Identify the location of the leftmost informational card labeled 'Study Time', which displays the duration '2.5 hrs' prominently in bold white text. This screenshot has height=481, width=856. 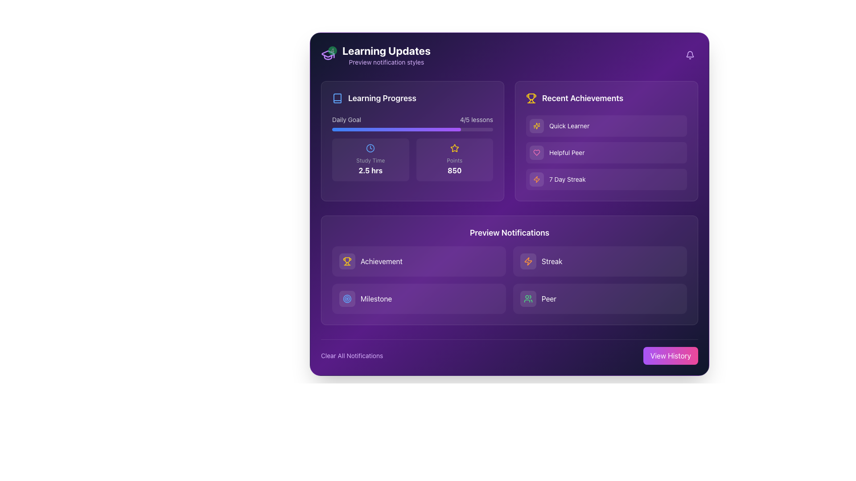
(370, 159).